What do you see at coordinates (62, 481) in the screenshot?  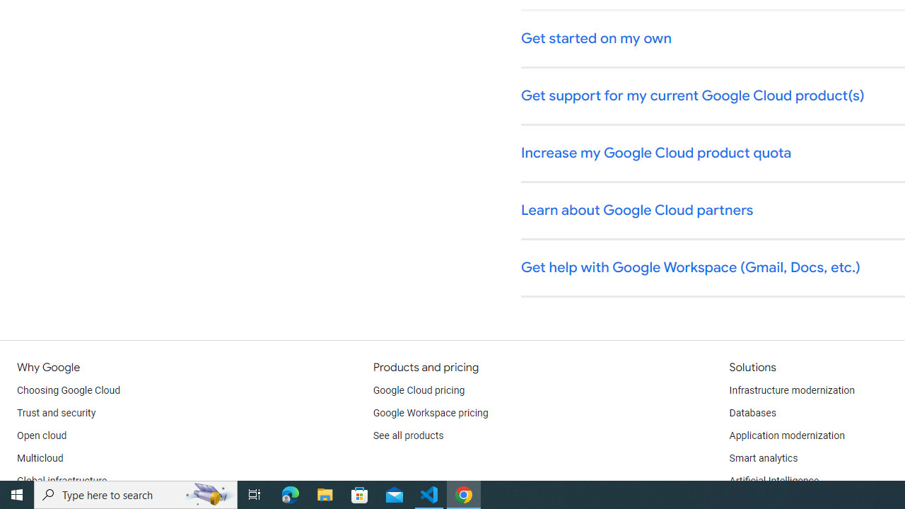 I see `'Global infrastructure'` at bounding box center [62, 481].